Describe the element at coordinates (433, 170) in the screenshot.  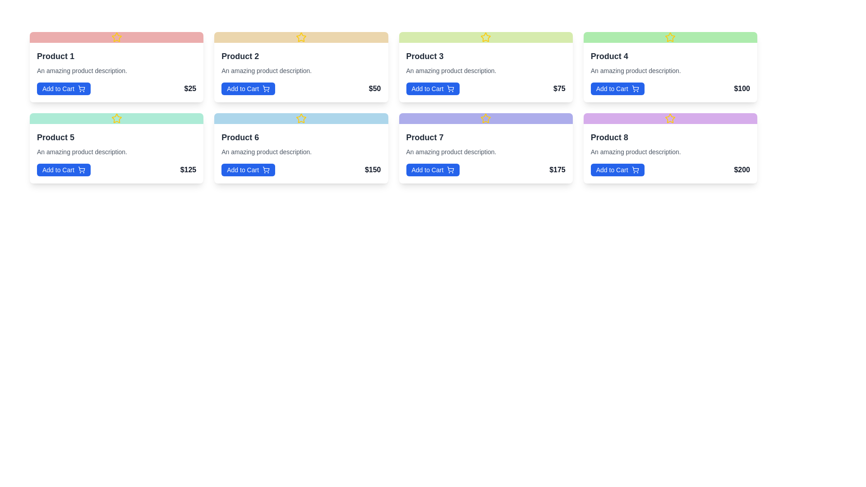
I see `the blue 'Add to Cart' button with white text and a shopping cart icon located in the 'Product 7' card` at that location.